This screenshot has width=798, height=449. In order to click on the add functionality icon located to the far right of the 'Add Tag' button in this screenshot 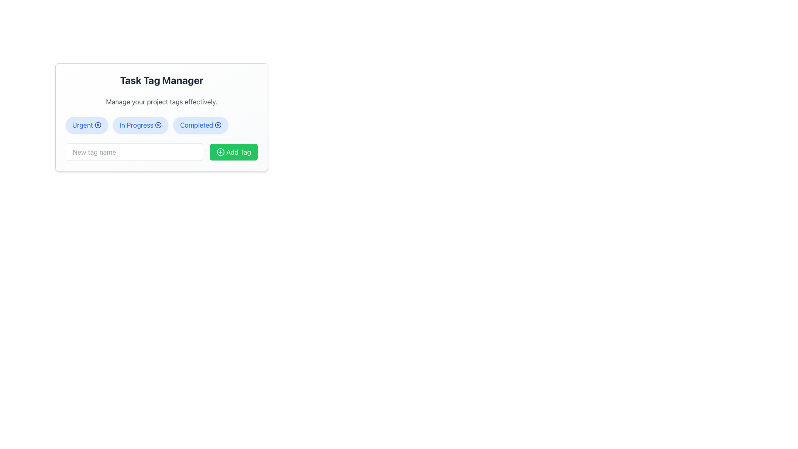, I will do `click(220, 152)`.